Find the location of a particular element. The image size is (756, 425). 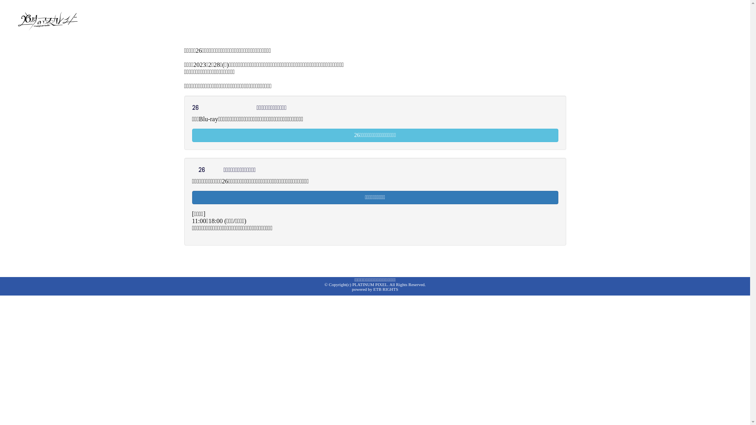

'ETB RIGHTS' is located at coordinates (385, 289).